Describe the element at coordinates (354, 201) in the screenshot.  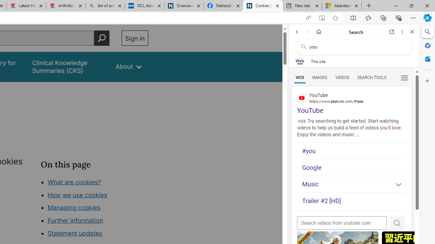
I see `'Trailer #2 [HD]'` at that location.